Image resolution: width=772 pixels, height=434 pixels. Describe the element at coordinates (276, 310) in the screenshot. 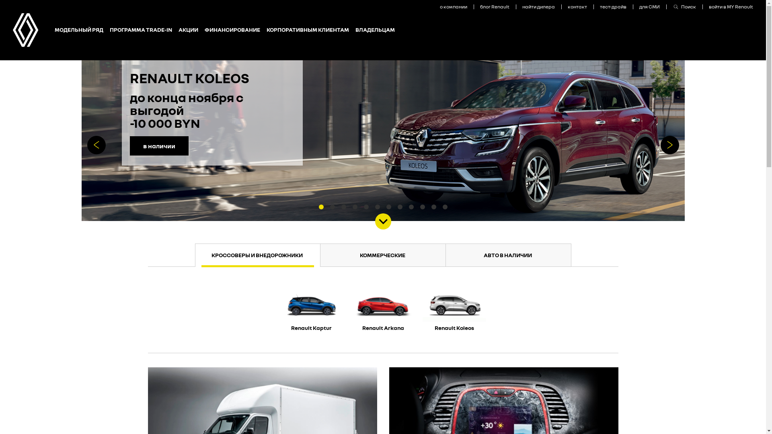

I see `'Renault Kaptur'` at that location.